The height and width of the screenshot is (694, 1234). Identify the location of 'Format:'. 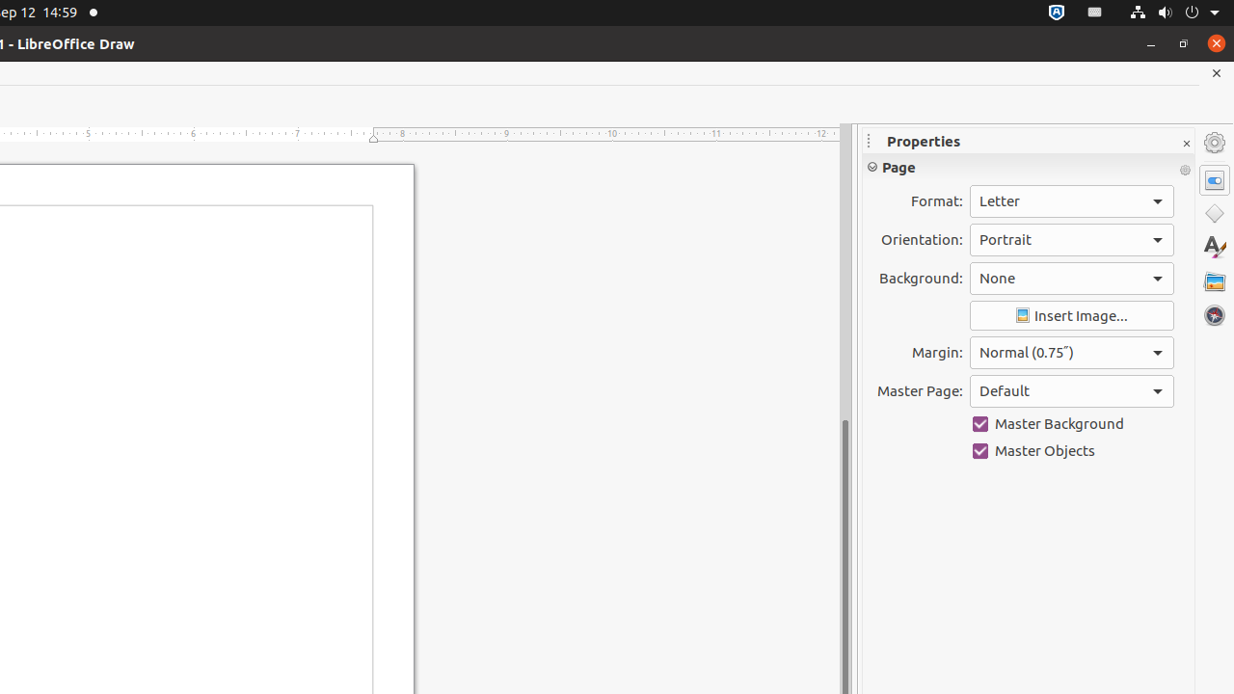
(1070, 201).